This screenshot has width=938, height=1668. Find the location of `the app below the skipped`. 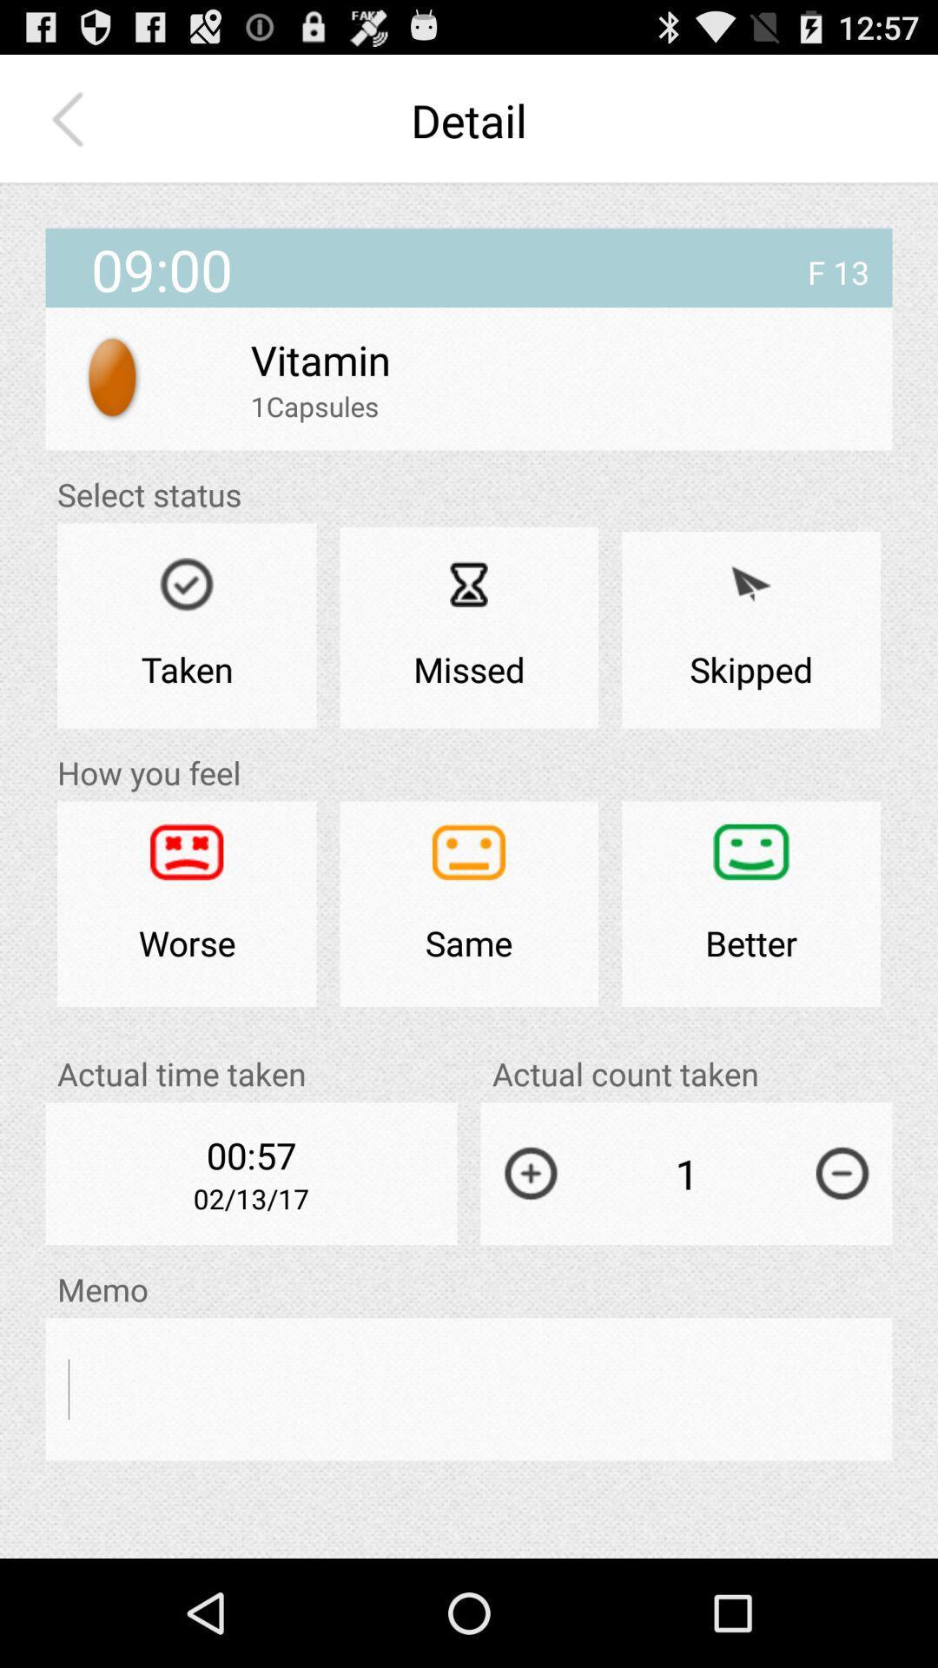

the app below the skipped is located at coordinates (750, 903).